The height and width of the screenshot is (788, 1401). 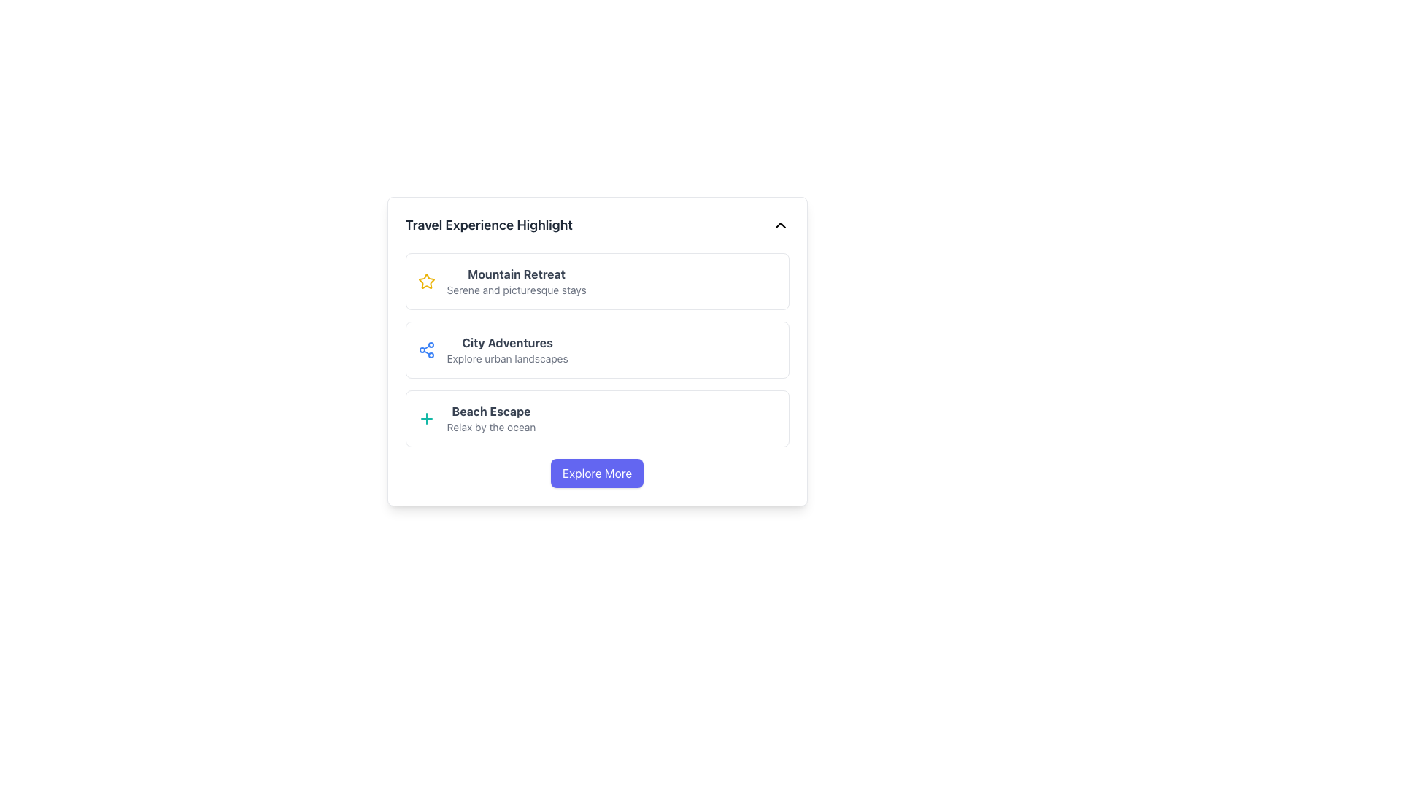 What do you see at coordinates (507, 349) in the screenshot?
I see `text from the informational card summarizing urban adventure options, which is the second card in a vertical list of travel category cards` at bounding box center [507, 349].